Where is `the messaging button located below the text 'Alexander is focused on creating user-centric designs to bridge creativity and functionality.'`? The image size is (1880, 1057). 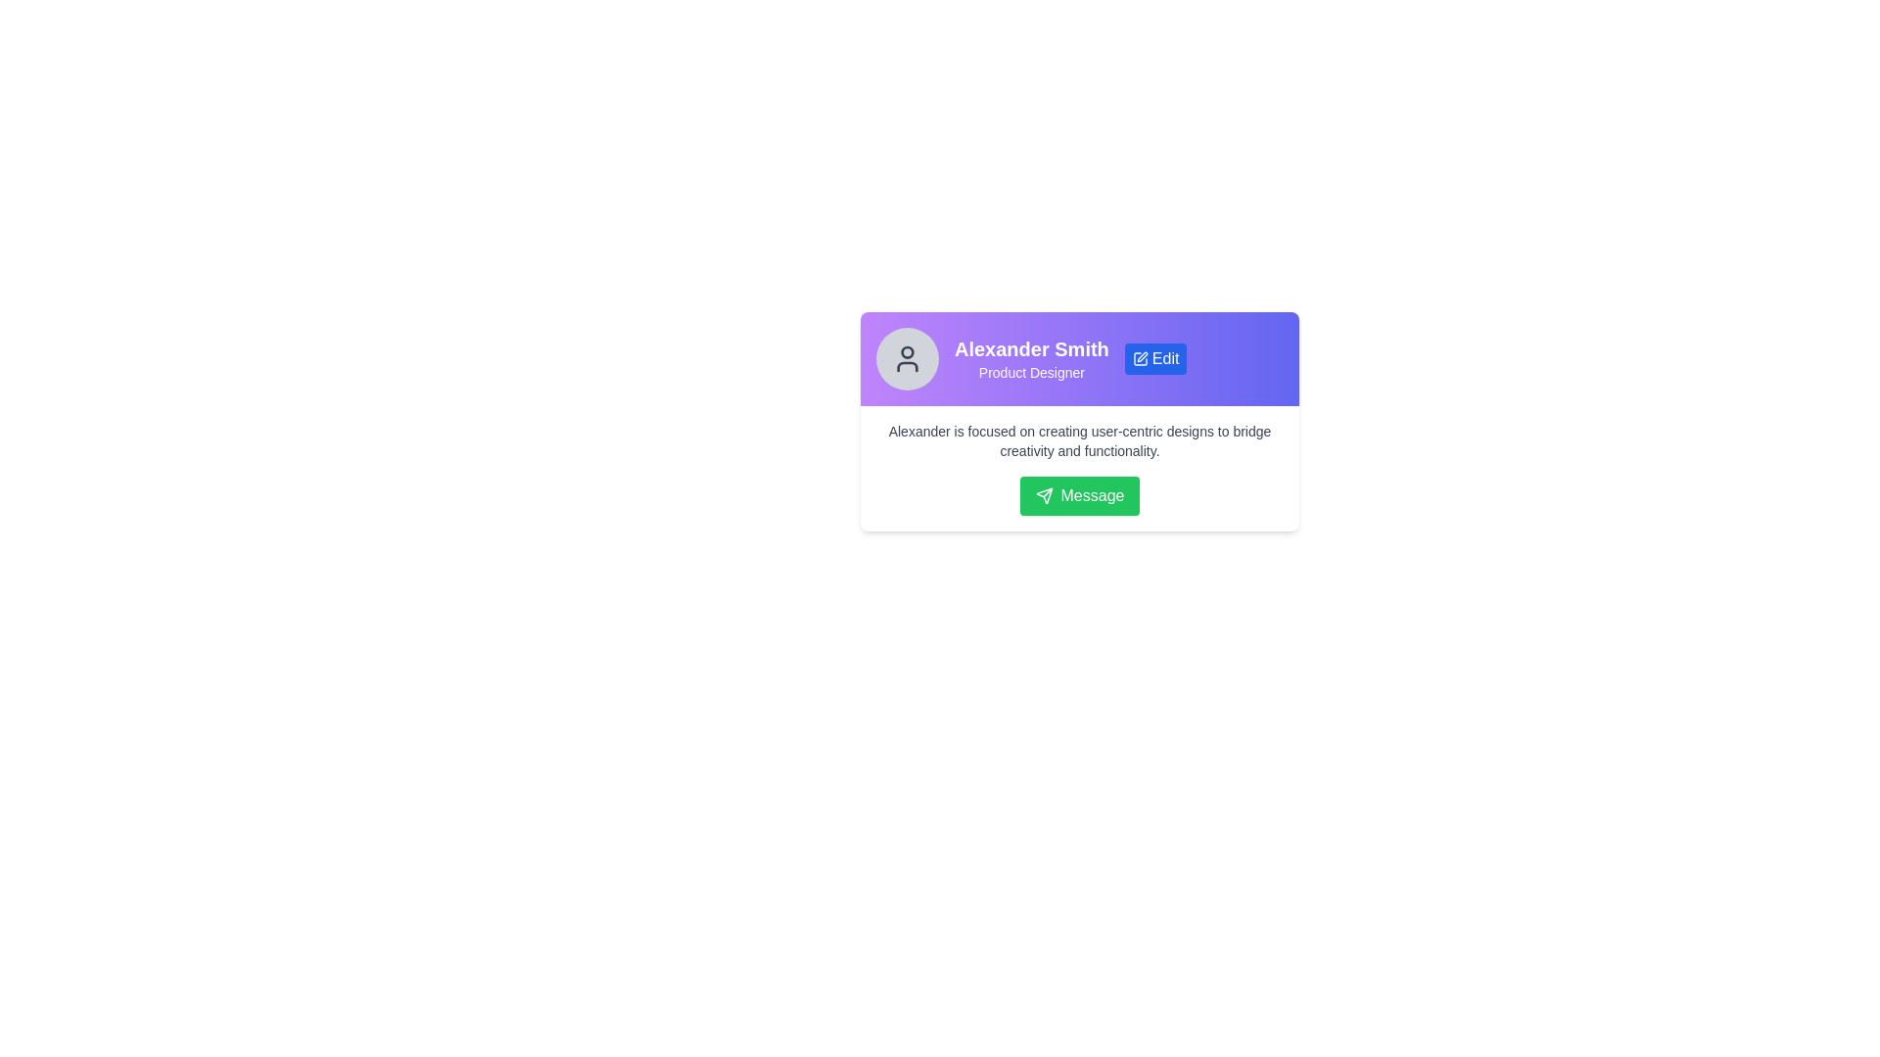
the messaging button located below the text 'Alexander is focused on creating user-centric designs to bridge creativity and functionality.' is located at coordinates (1079, 494).